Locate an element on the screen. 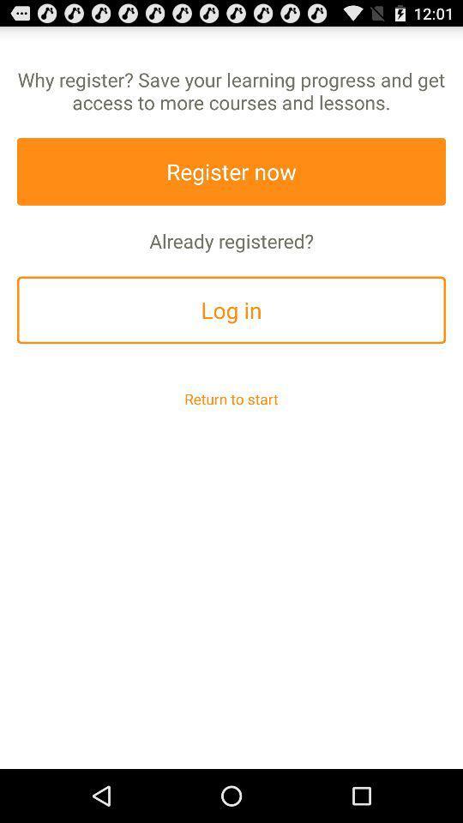 This screenshot has width=463, height=823. app below log in item is located at coordinates (231, 399).